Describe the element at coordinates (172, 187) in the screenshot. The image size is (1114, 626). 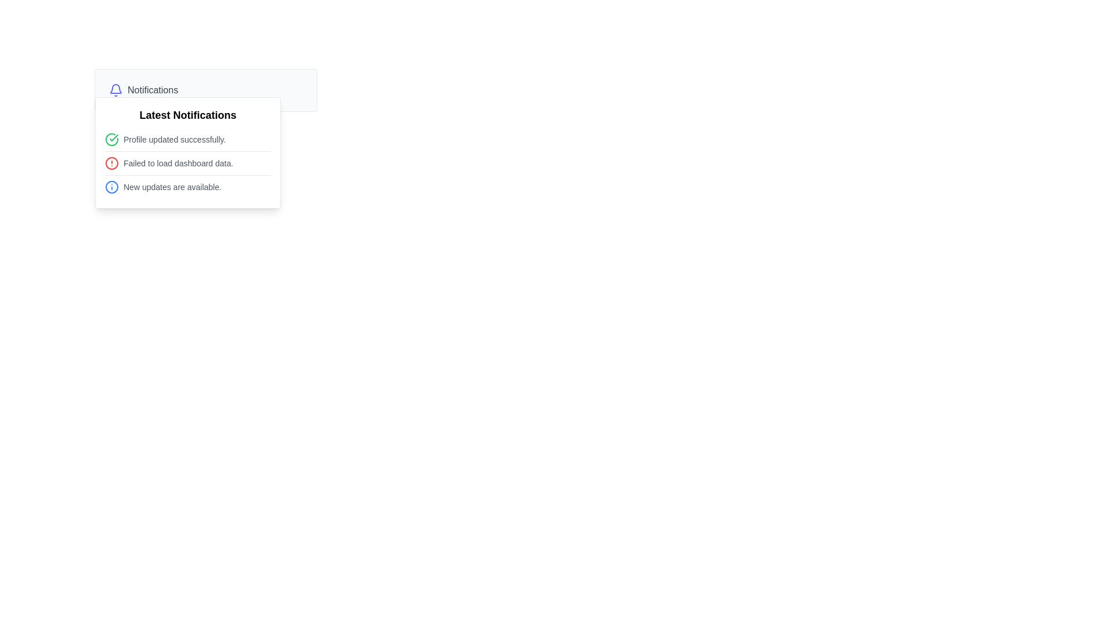
I see `the text label that reads 'New updates are available.' which is the third notification in the 'Latest Notifications' dropdown` at that location.